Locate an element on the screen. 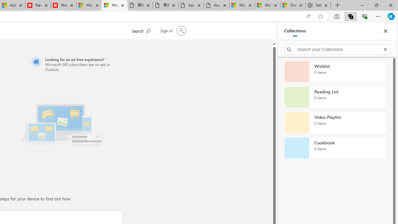  'Cookbook collection, 0 items' is located at coordinates (335, 148).